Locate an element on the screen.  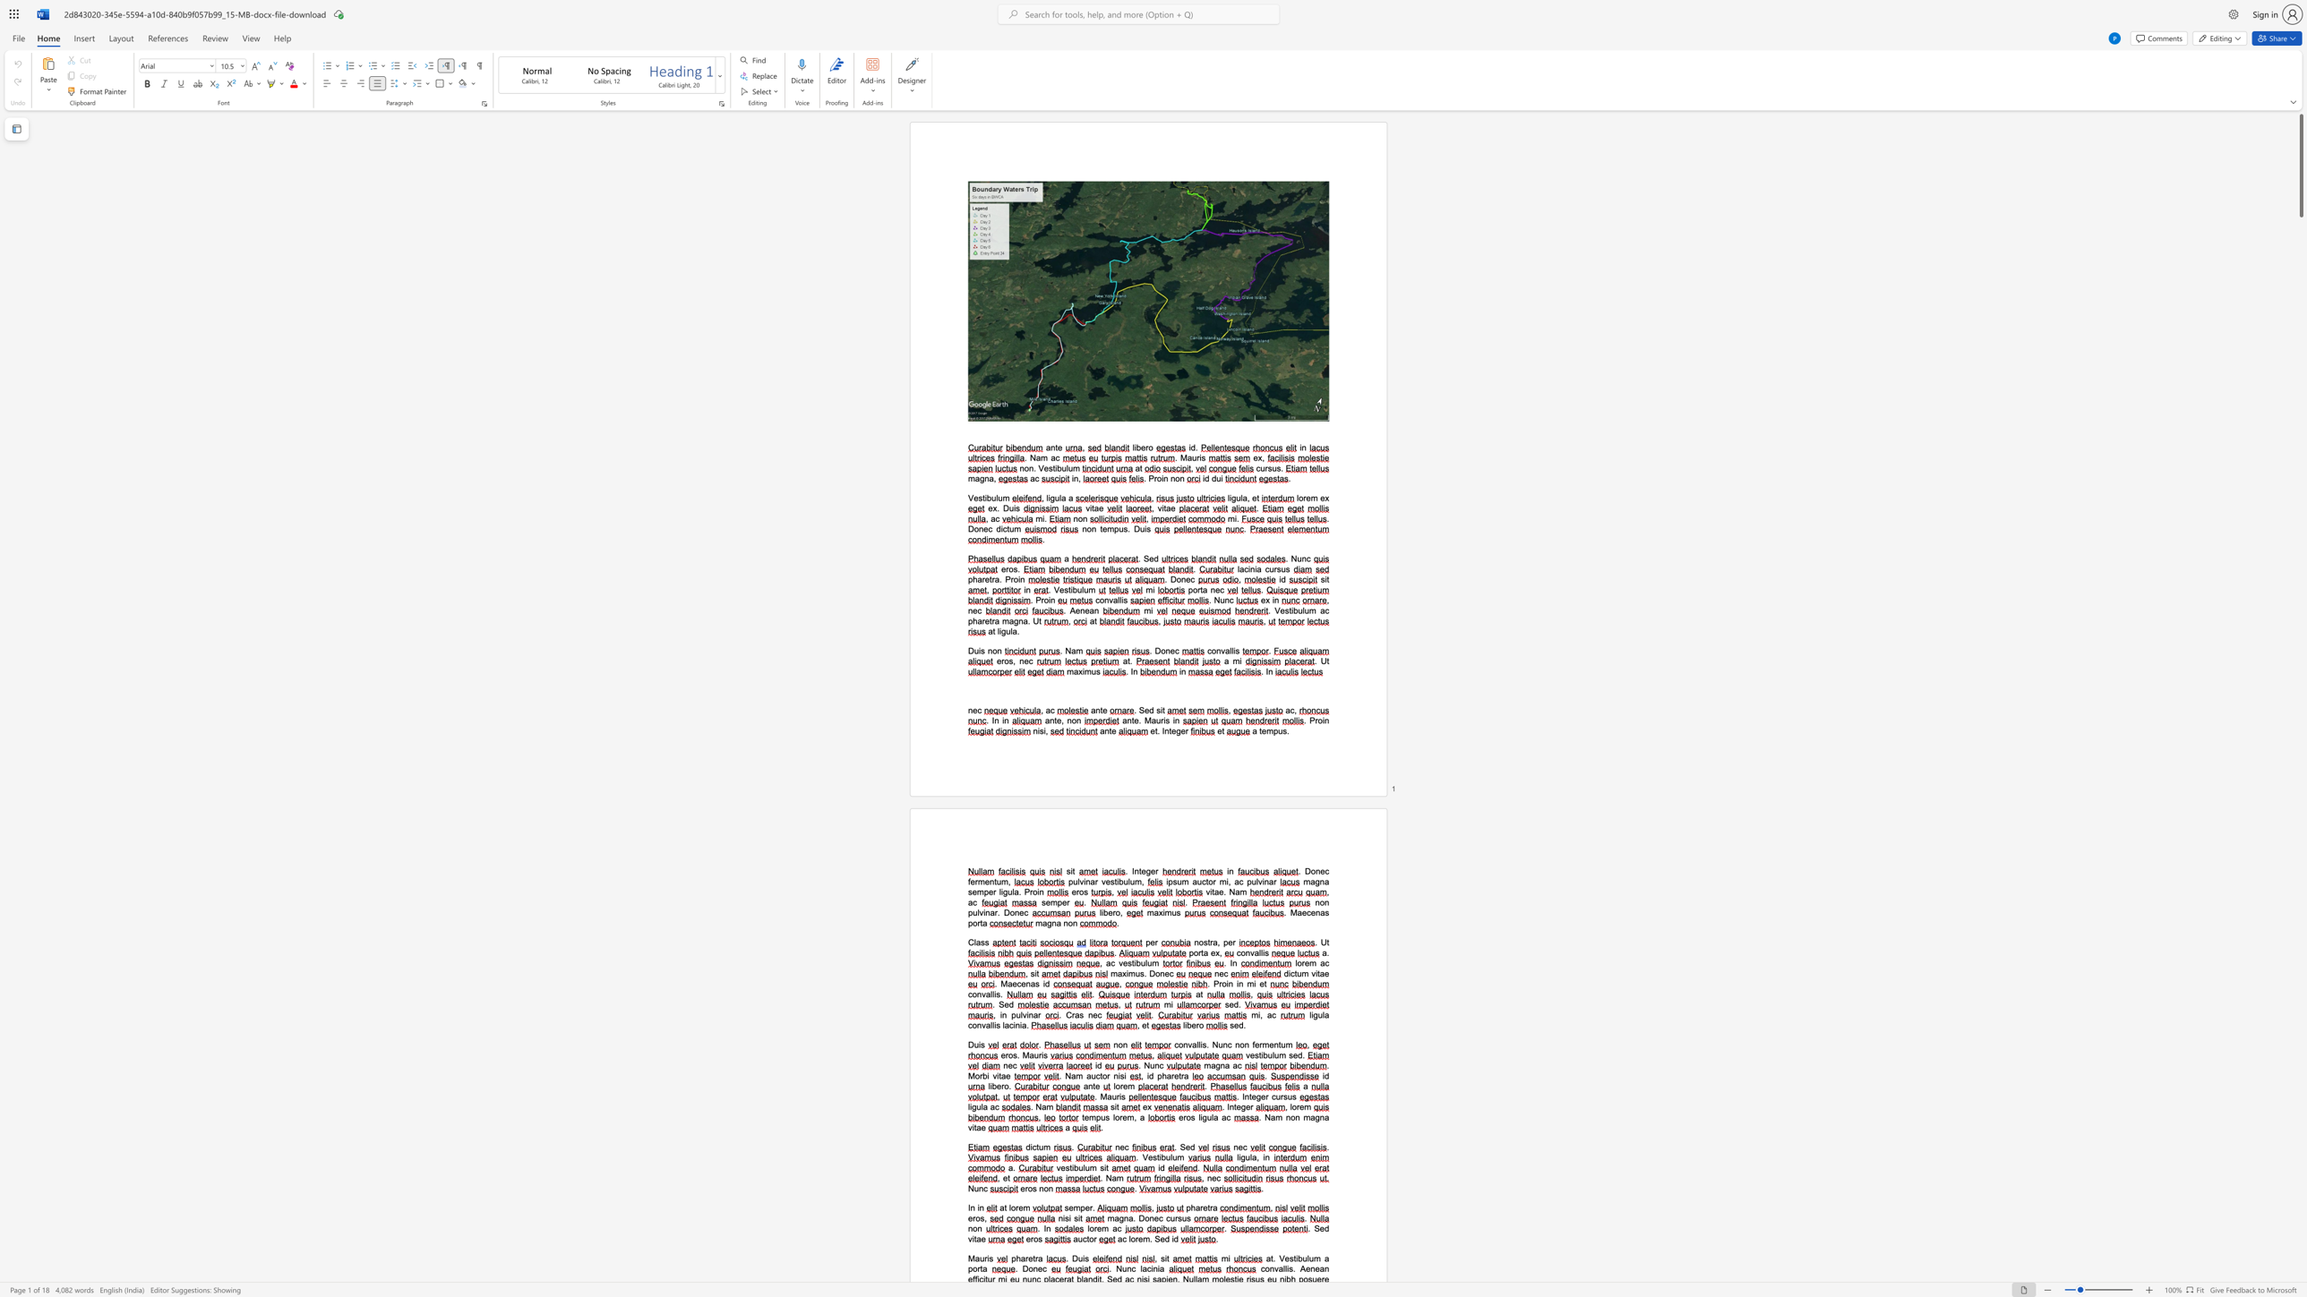
the space between the continuous character "o" and "s" in the text is located at coordinates (1202, 941).